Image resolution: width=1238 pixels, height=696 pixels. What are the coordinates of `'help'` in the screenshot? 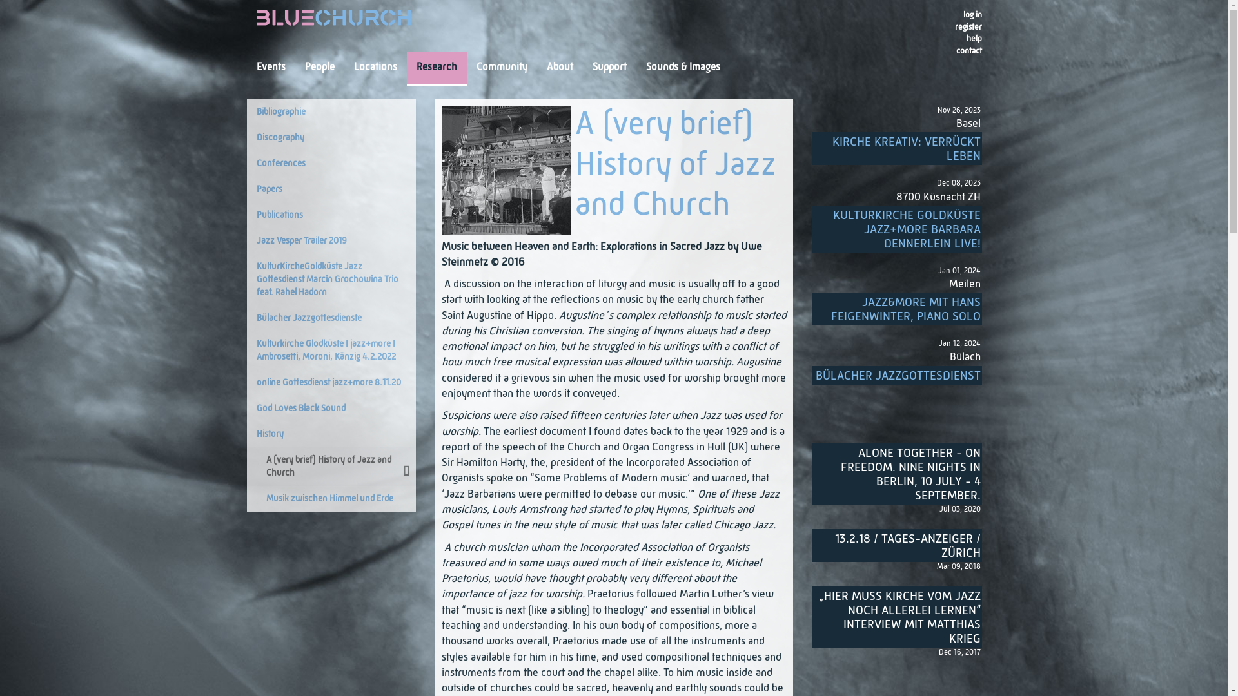 It's located at (970, 38).